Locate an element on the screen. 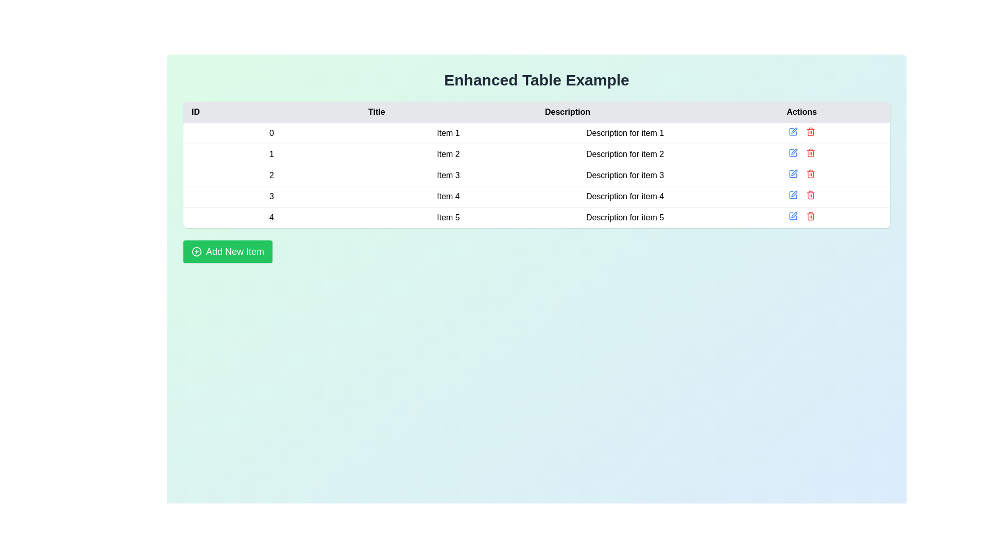 This screenshot has height=556, width=989. the text content element indicating the title associated with the table's row, positioned under the 'Title' column is located at coordinates (448, 217).